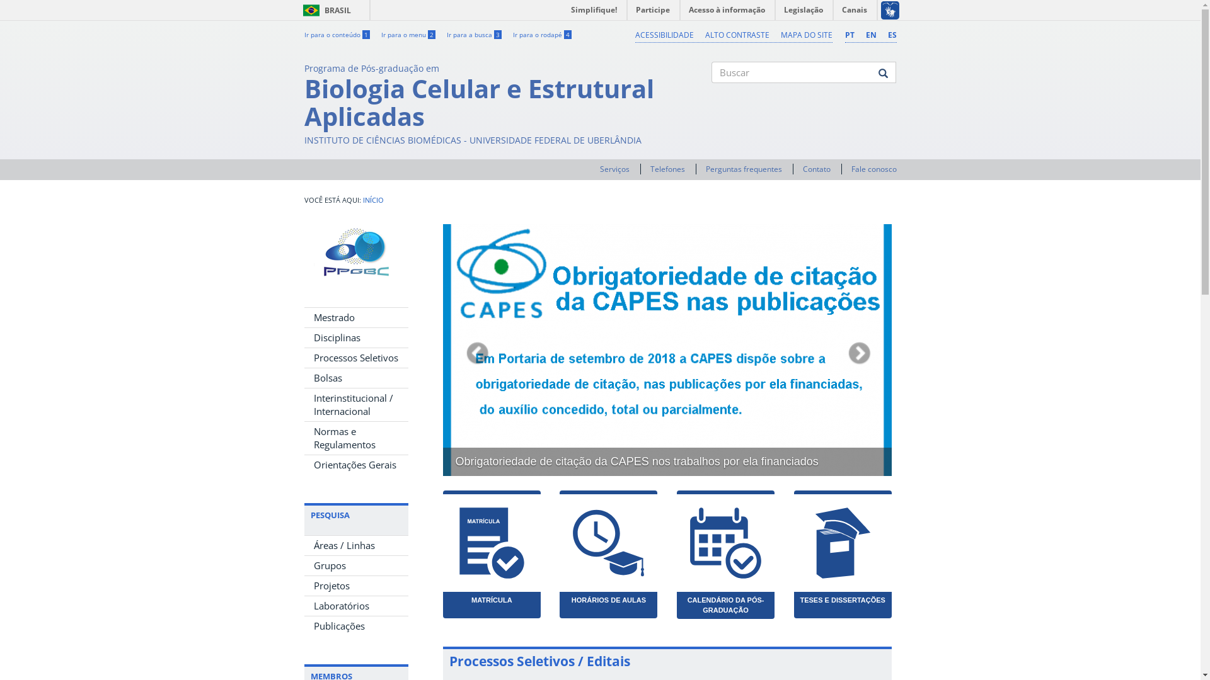 Image resolution: width=1210 pixels, height=680 pixels. What do you see at coordinates (737, 34) in the screenshot?
I see `'ALTO CONTRASTE'` at bounding box center [737, 34].